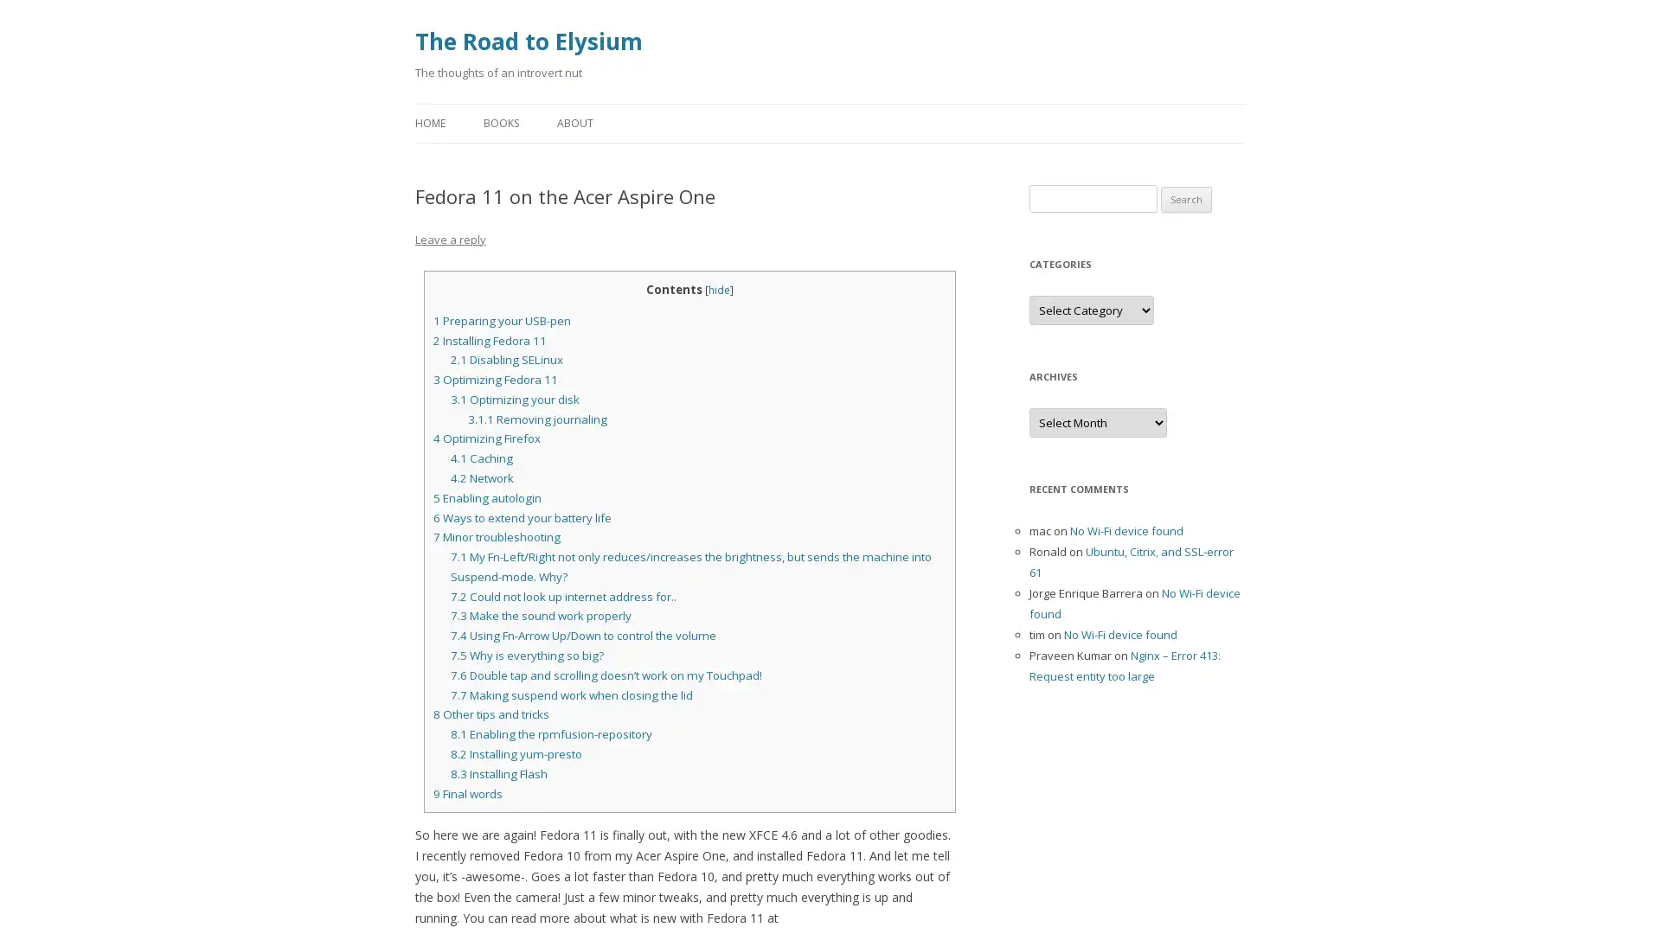  What do you see at coordinates (1185, 199) in the screenshot?
I see `Search` at bounding box center [1185, 199].